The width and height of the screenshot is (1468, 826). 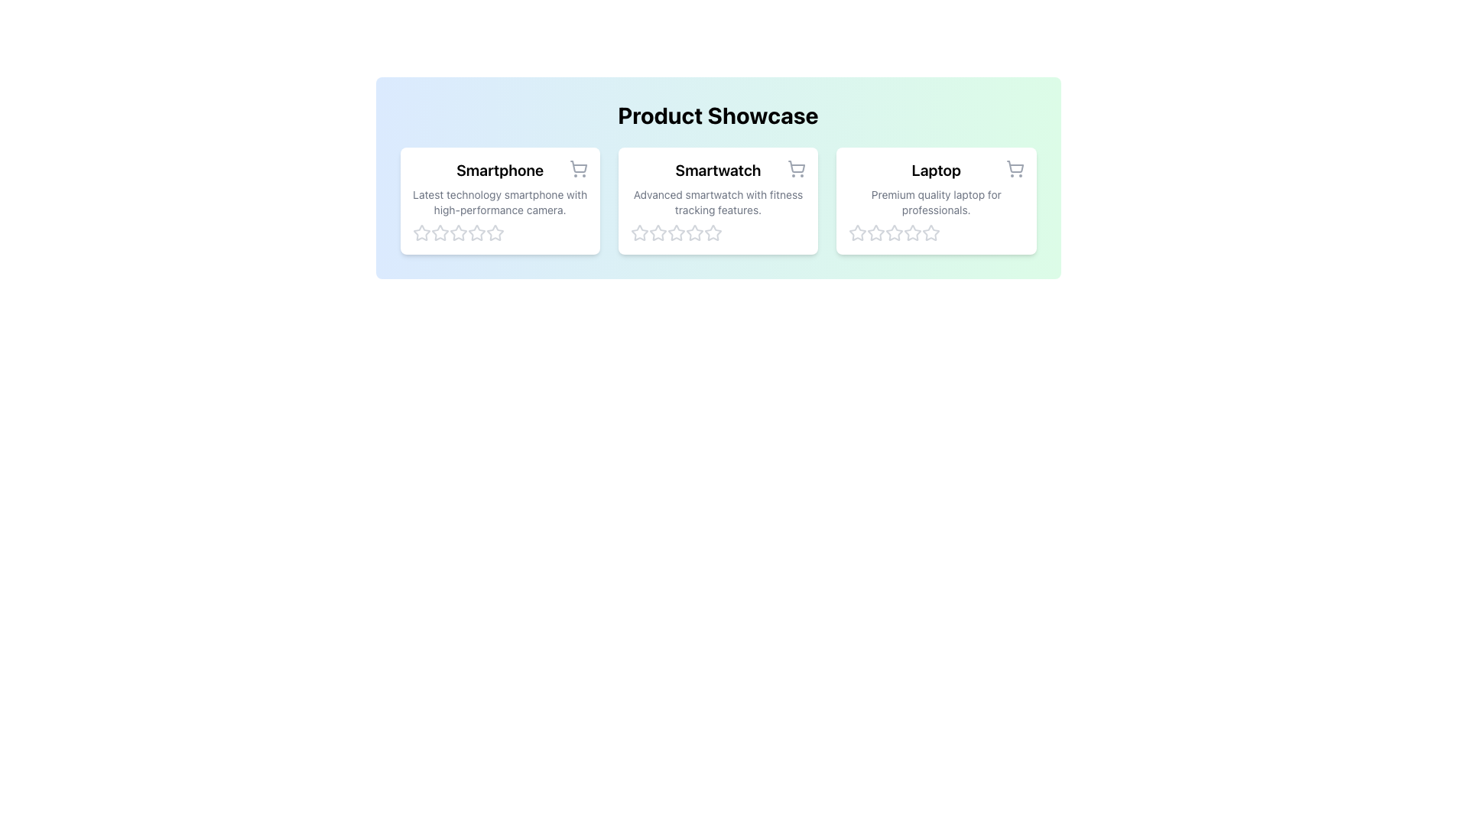 What do you see at coordinates (495, 233) in the screenshot?
I see `the fourth star icon in the rating section under the 'Smartphone' product description` at bounding box center [495, 233].